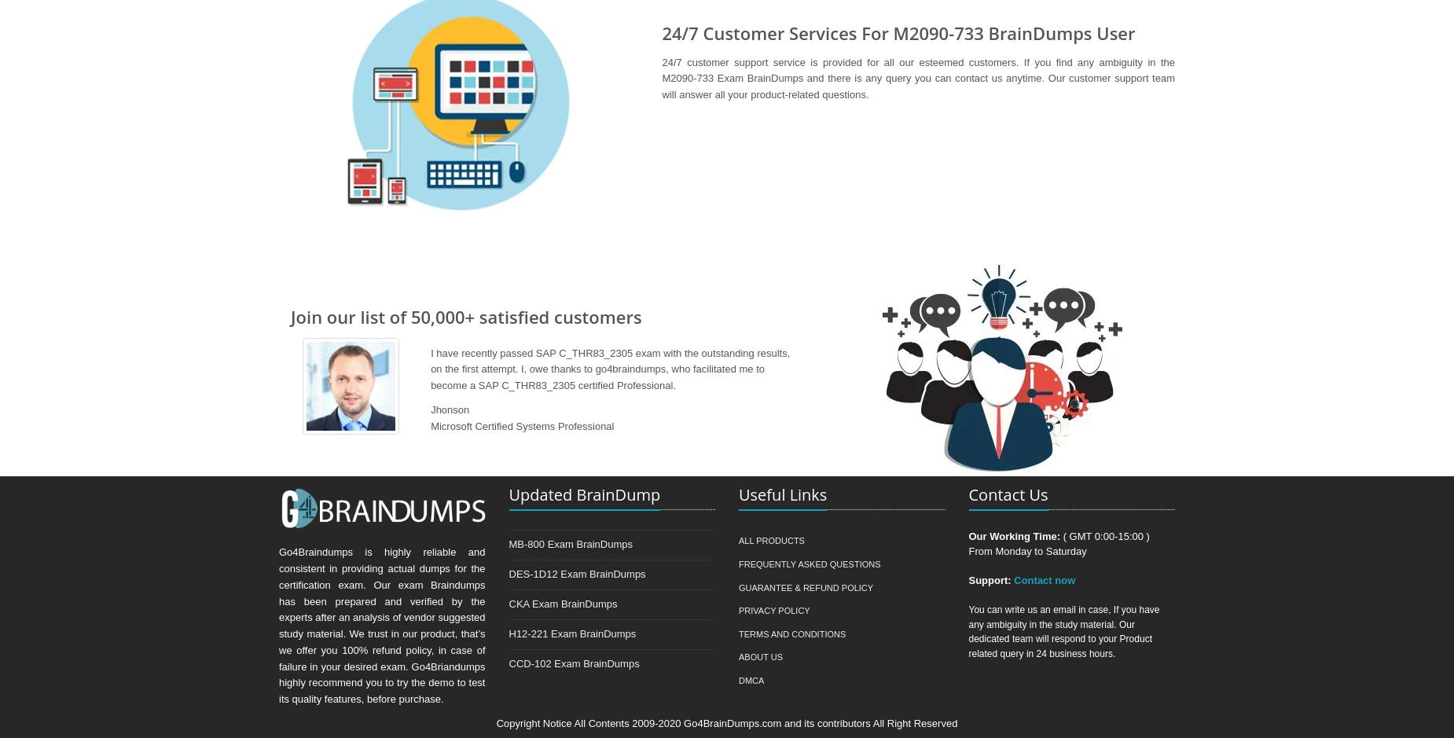 This screenshot has width=1454, height=738. I want to click on 'I have recently passed SAP C_THR83_2305 exam with the outstanding results, on the first attempt. I, owe thanks to go4braindumps, who facilitated me to become a SAP C_THR83_2305 certified Professional.', so click(610, 369).